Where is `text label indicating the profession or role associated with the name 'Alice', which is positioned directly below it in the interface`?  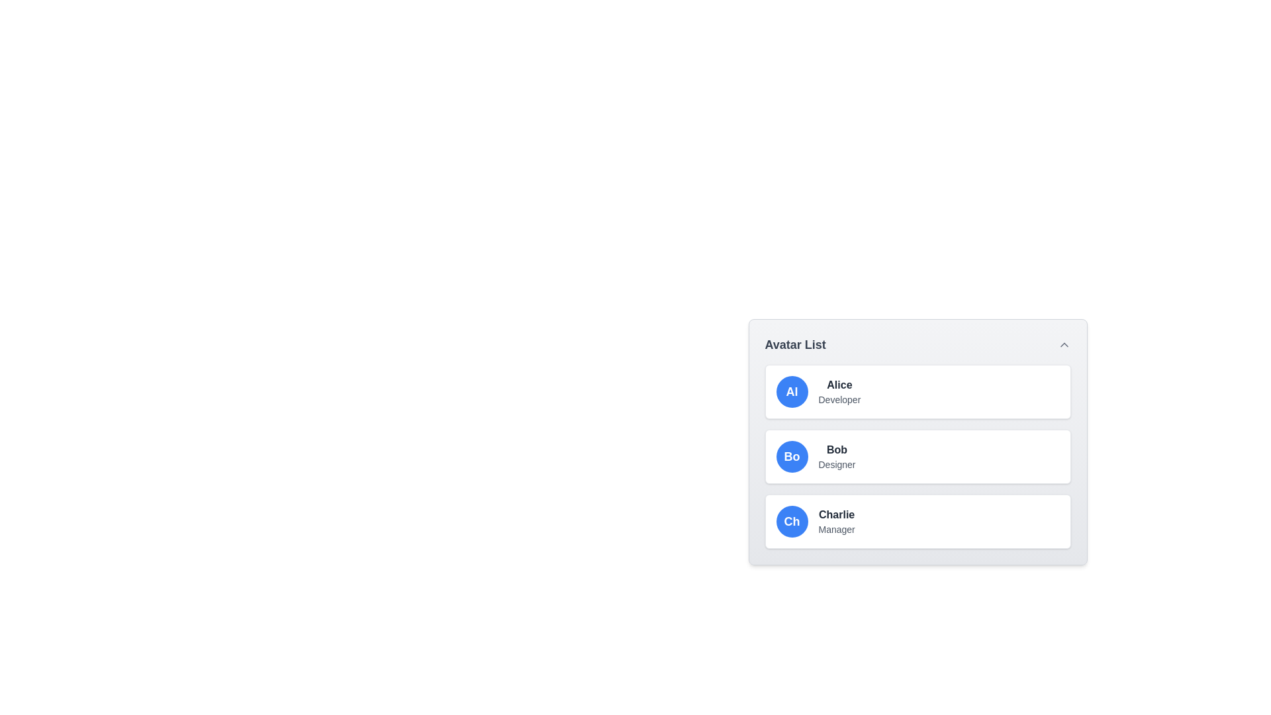
text label indicating the profession or role associated with the name 'Alice', which is positioned directly below it in the interface is located at coordinates (839, 399).